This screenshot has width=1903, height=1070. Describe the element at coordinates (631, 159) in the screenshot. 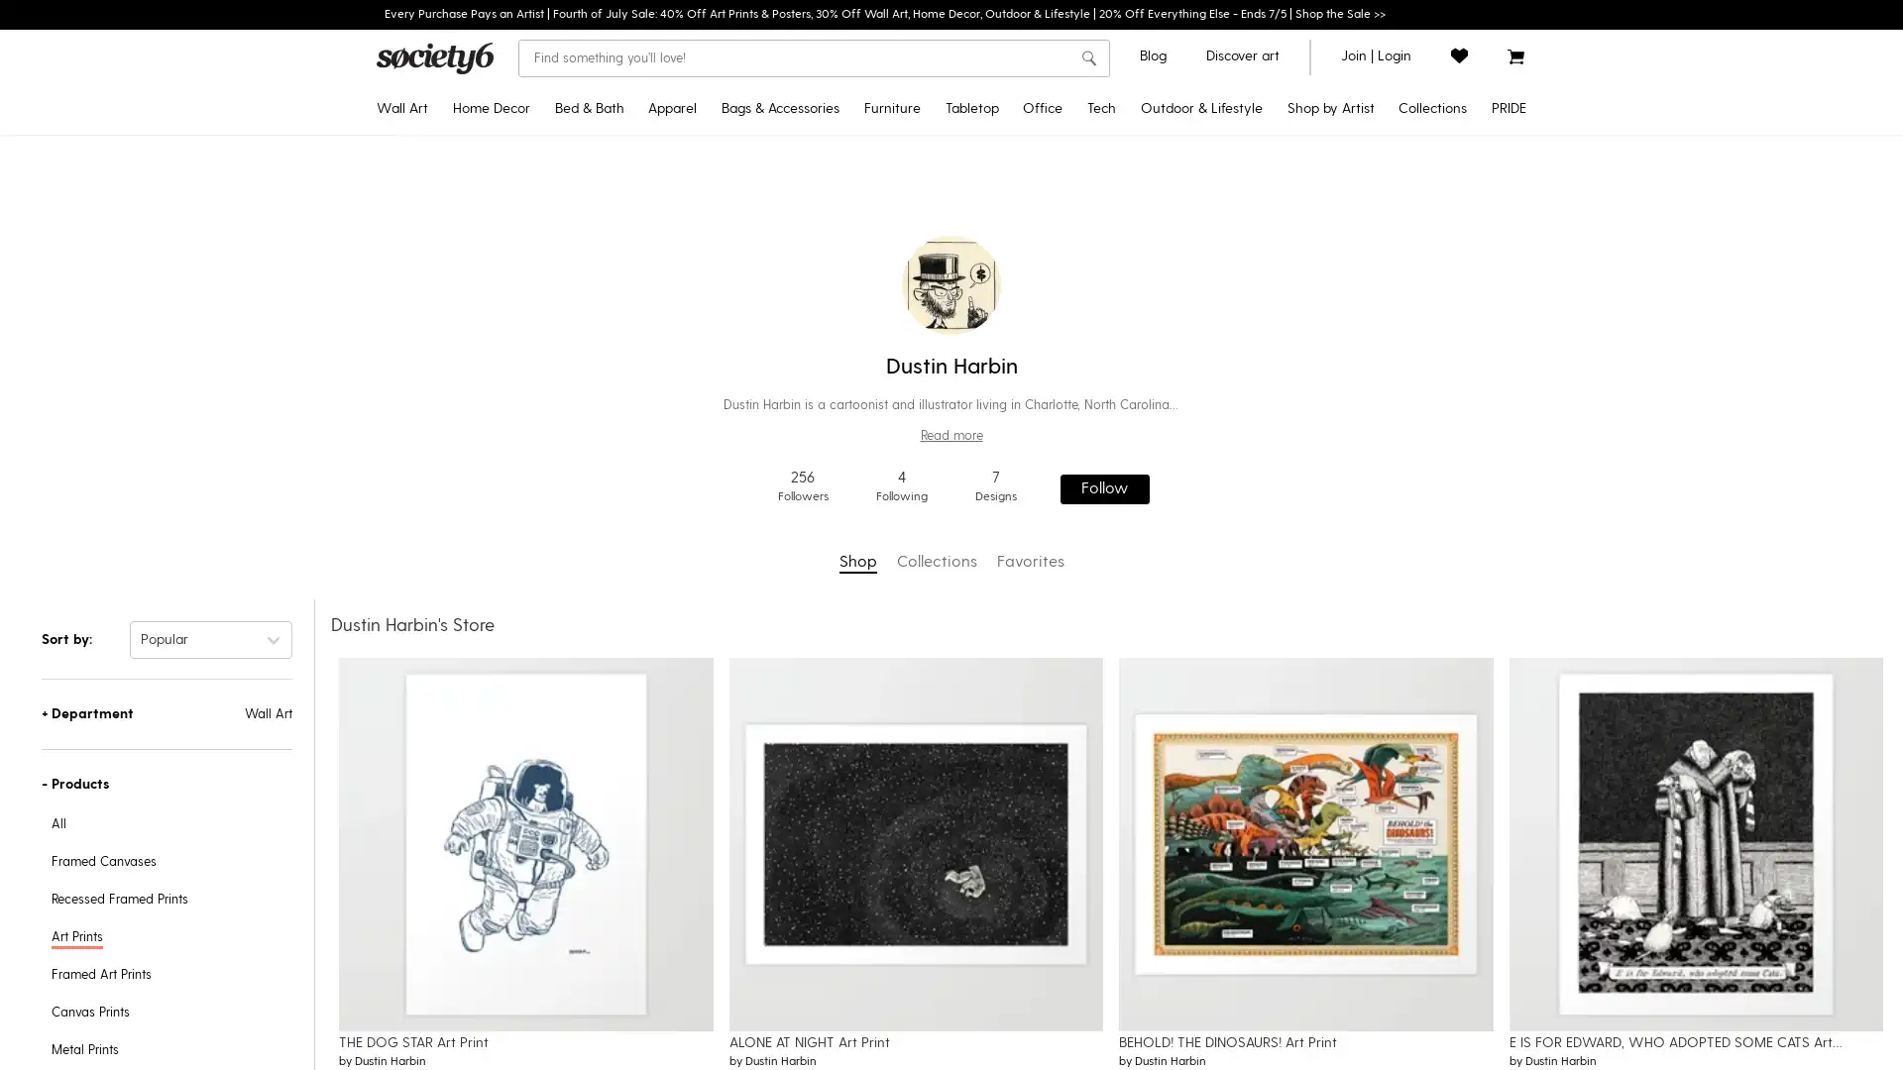

I see `Comforters` at that location.